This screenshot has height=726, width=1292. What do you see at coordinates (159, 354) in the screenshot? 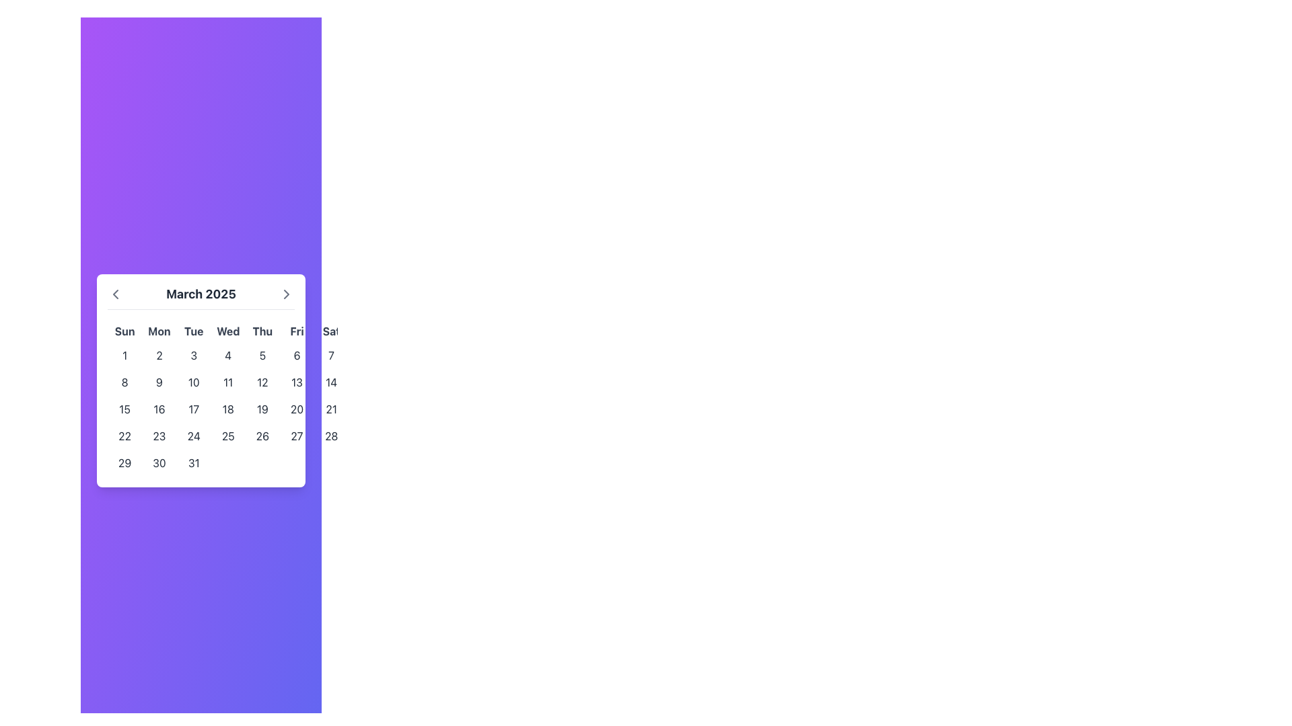
I see `the button labeled '2' which is the second button in a horizontal arrangement within the calendar interface below the 'March 2025' heading` at bounding box center [159, 354].